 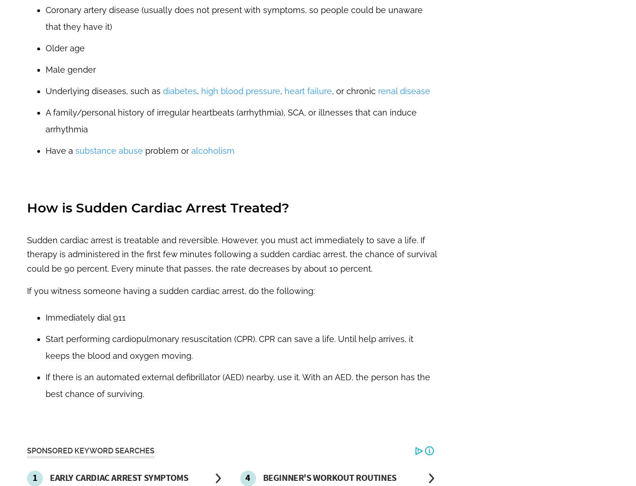 I want to click on 'If there is an automated external defibrillator (AED) nearby, use it. With an AED, the person has the best chance of surviving.', so click(x=45, y=385).